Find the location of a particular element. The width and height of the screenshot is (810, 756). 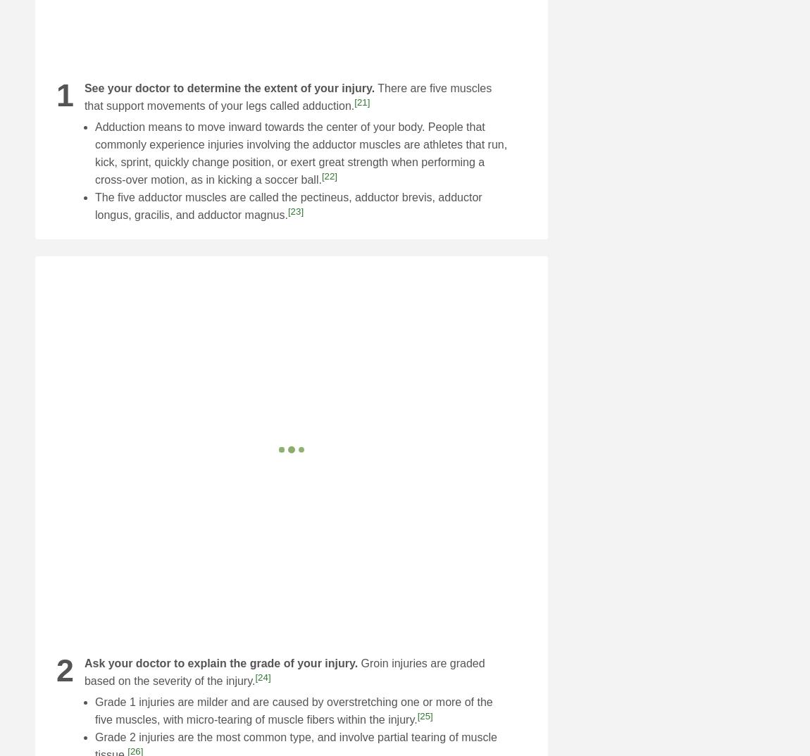

'Grade 1 injuries are milder and are caused by overstretching one or more of the five muscles, with micro-tearing of muscle fibers within the injury.' is located at coordinates (293, 710).